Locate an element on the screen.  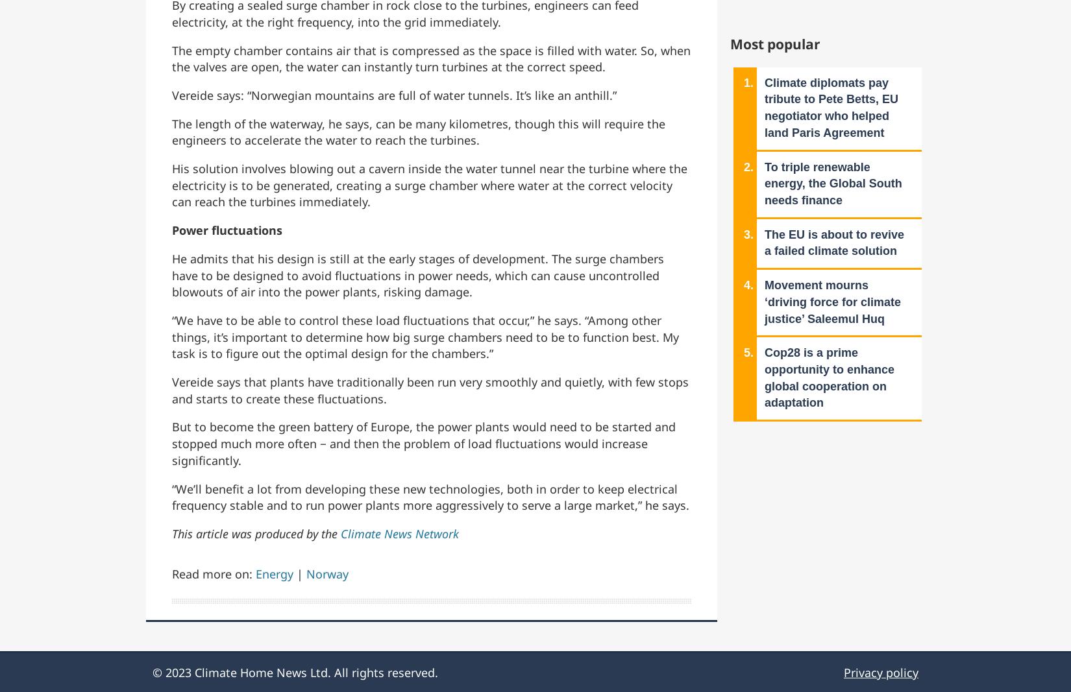
'Privacy policy' is located at coordinates (880, 673).